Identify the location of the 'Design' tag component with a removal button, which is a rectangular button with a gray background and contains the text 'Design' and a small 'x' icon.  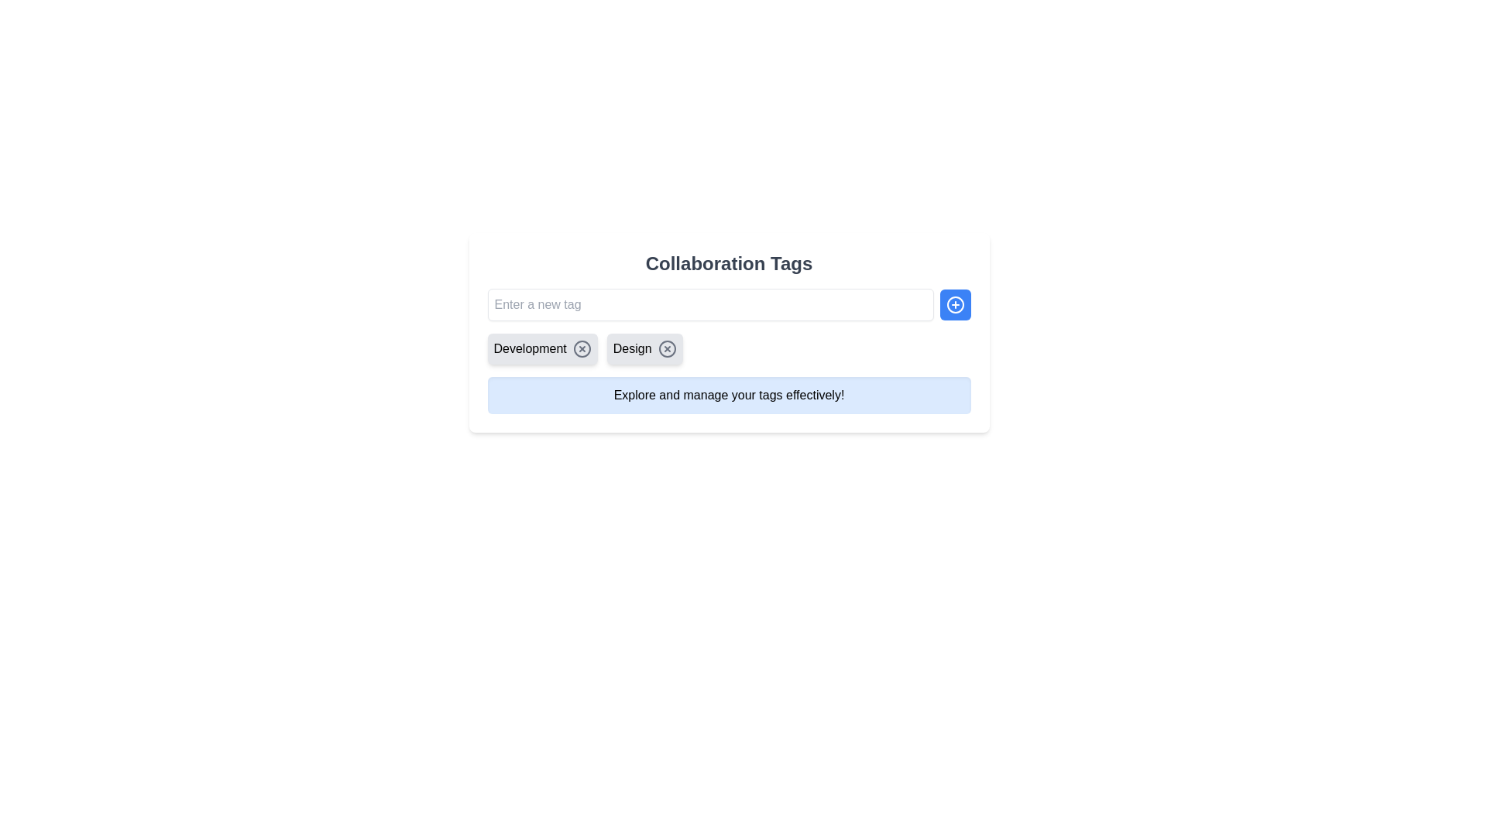
(644, 349).